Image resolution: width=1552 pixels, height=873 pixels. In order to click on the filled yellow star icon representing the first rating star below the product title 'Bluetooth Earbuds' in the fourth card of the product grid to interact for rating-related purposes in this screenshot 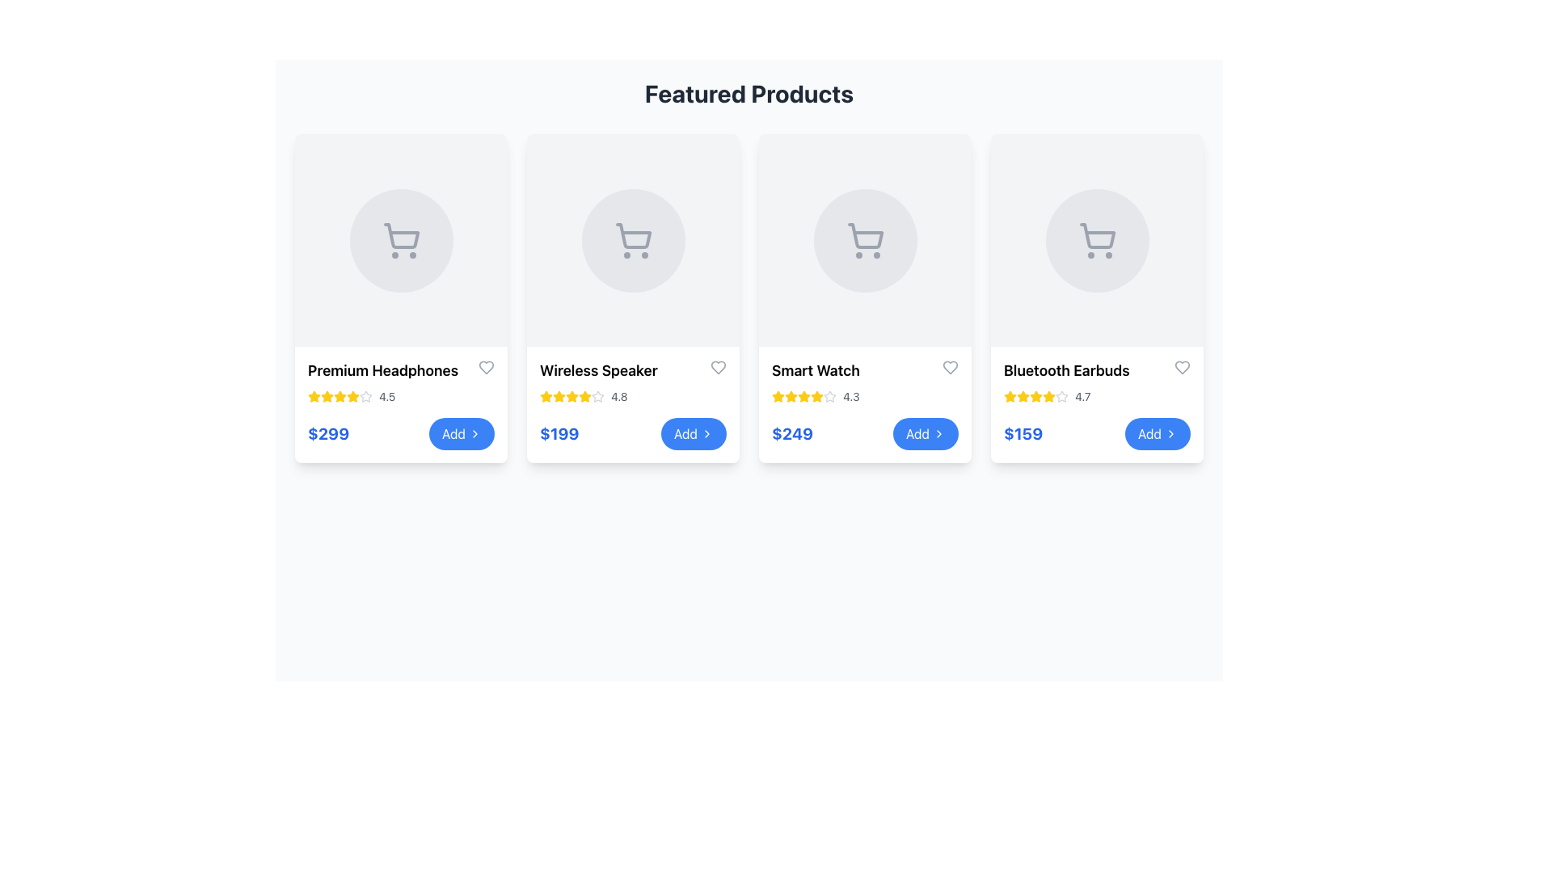, I will do `click(1023, 396)`.